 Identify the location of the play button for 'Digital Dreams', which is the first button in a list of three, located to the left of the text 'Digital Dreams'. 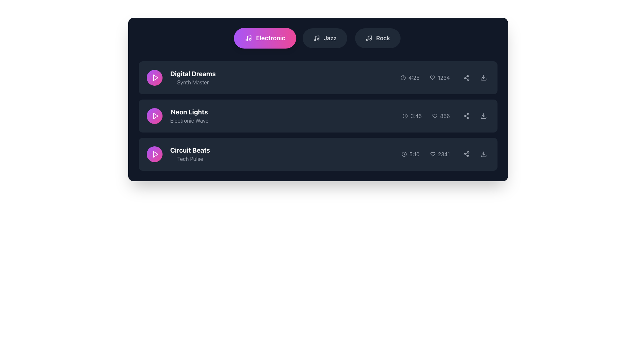
(154, 77).